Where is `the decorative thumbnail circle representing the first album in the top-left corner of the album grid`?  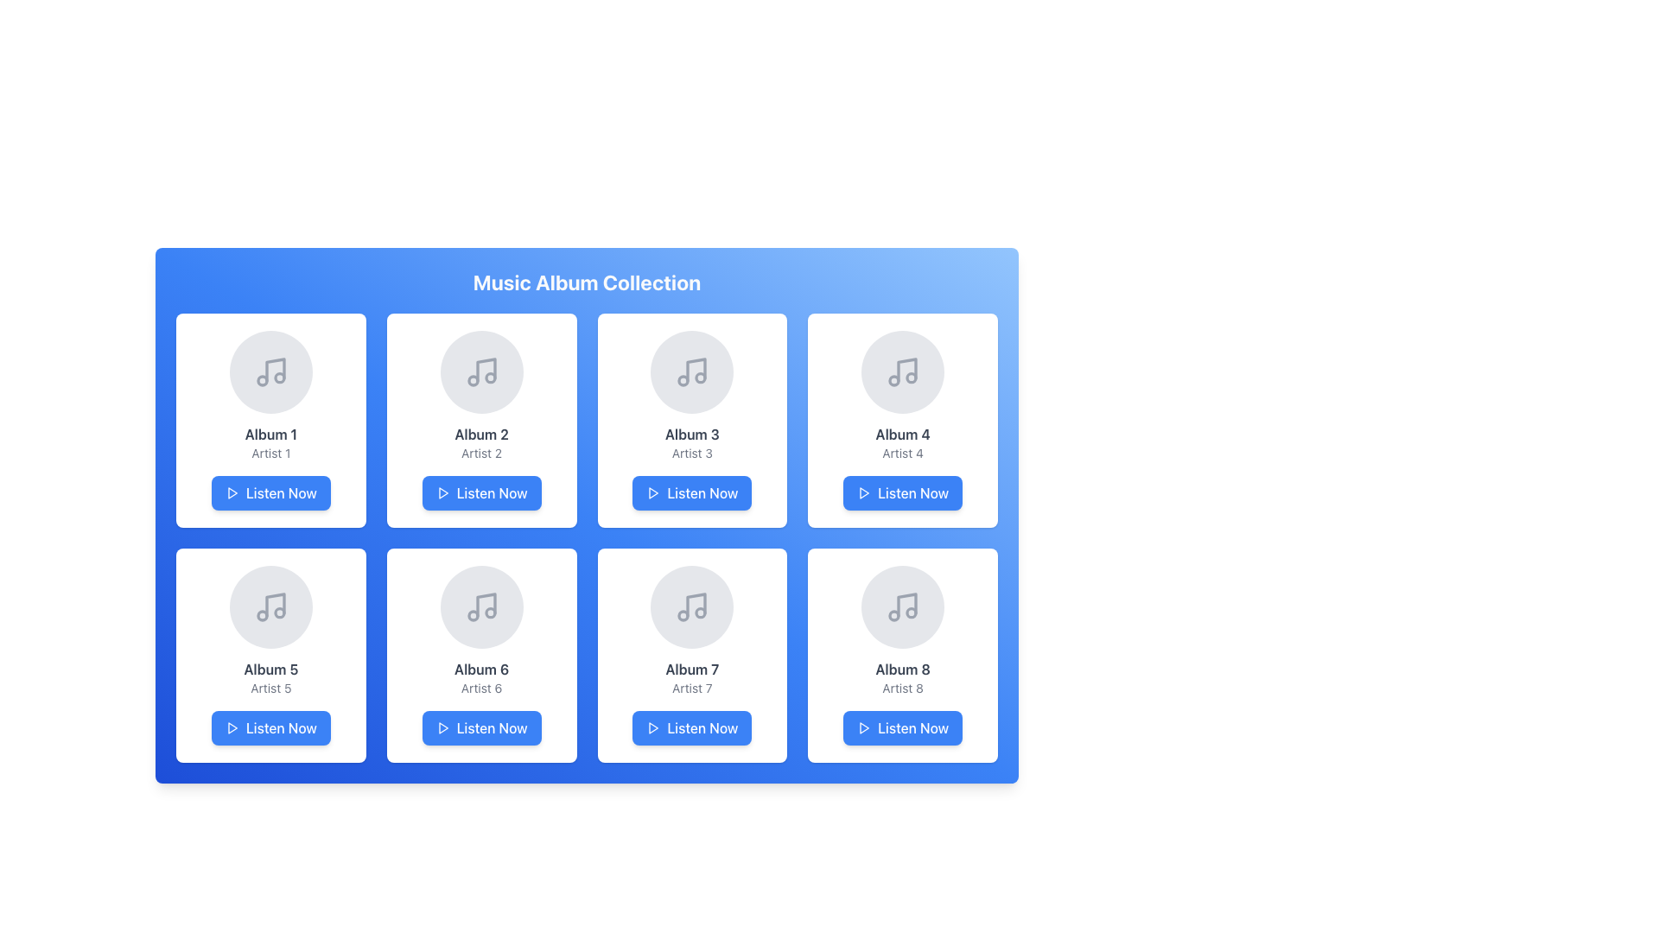
the decorative thumbnail circle representing the first album in the top-left corner of the album grid is located at coordinates (270, 371).